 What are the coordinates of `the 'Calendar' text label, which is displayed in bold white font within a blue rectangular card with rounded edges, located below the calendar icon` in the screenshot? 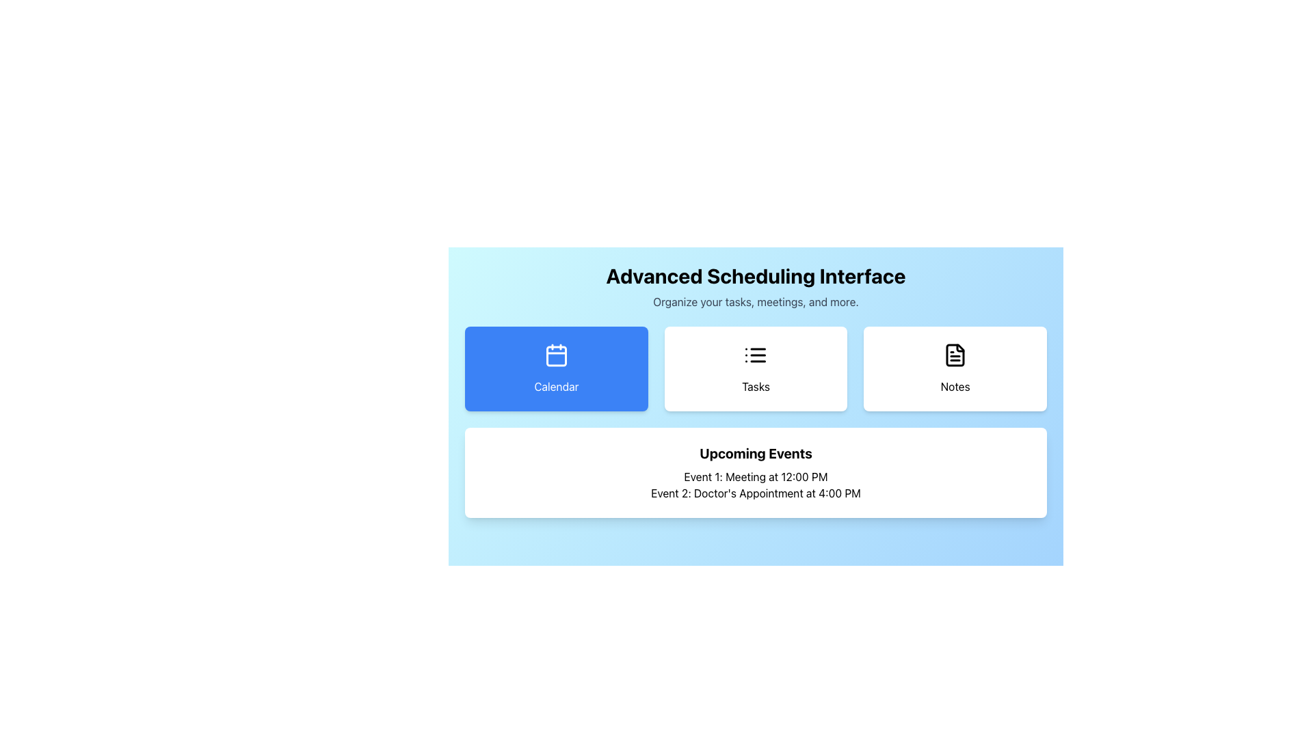 It's located at (556, 387).